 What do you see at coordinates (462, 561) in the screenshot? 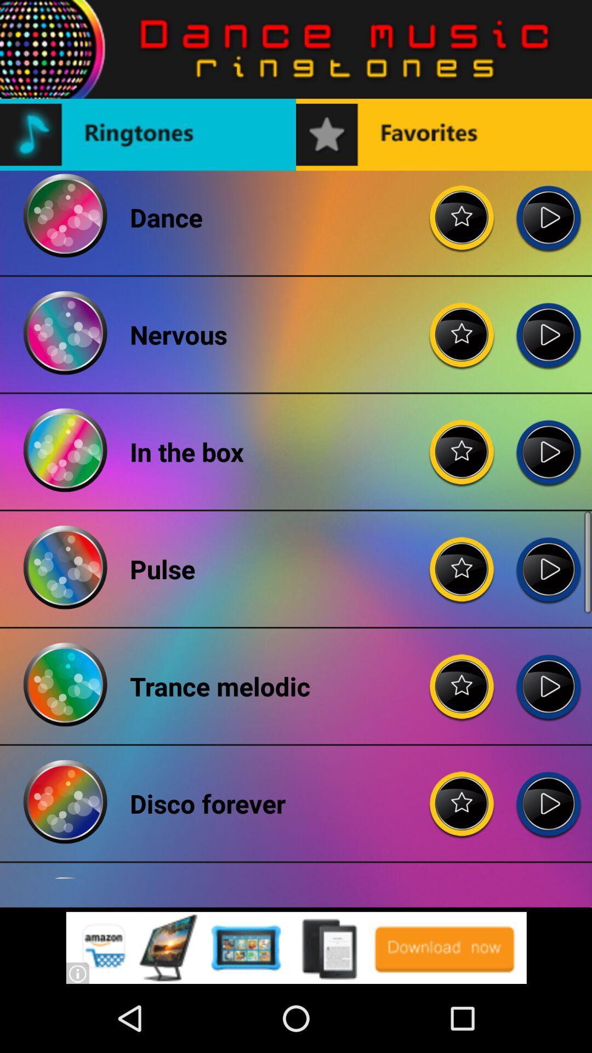
I see `star` at bounding box center [462, 561].